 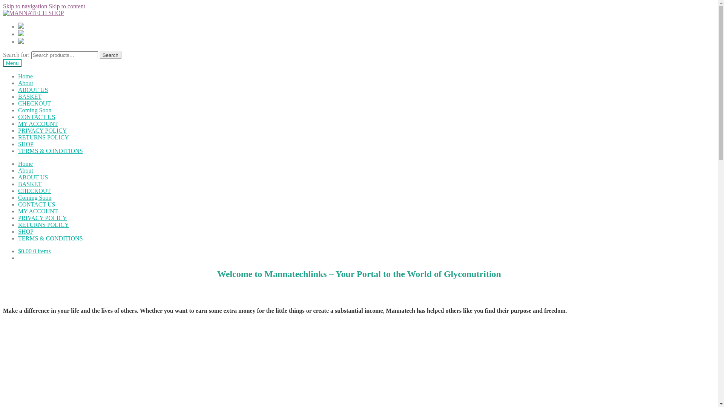 I want to click on 'Skip to navigation', so click(x=25, y=6).